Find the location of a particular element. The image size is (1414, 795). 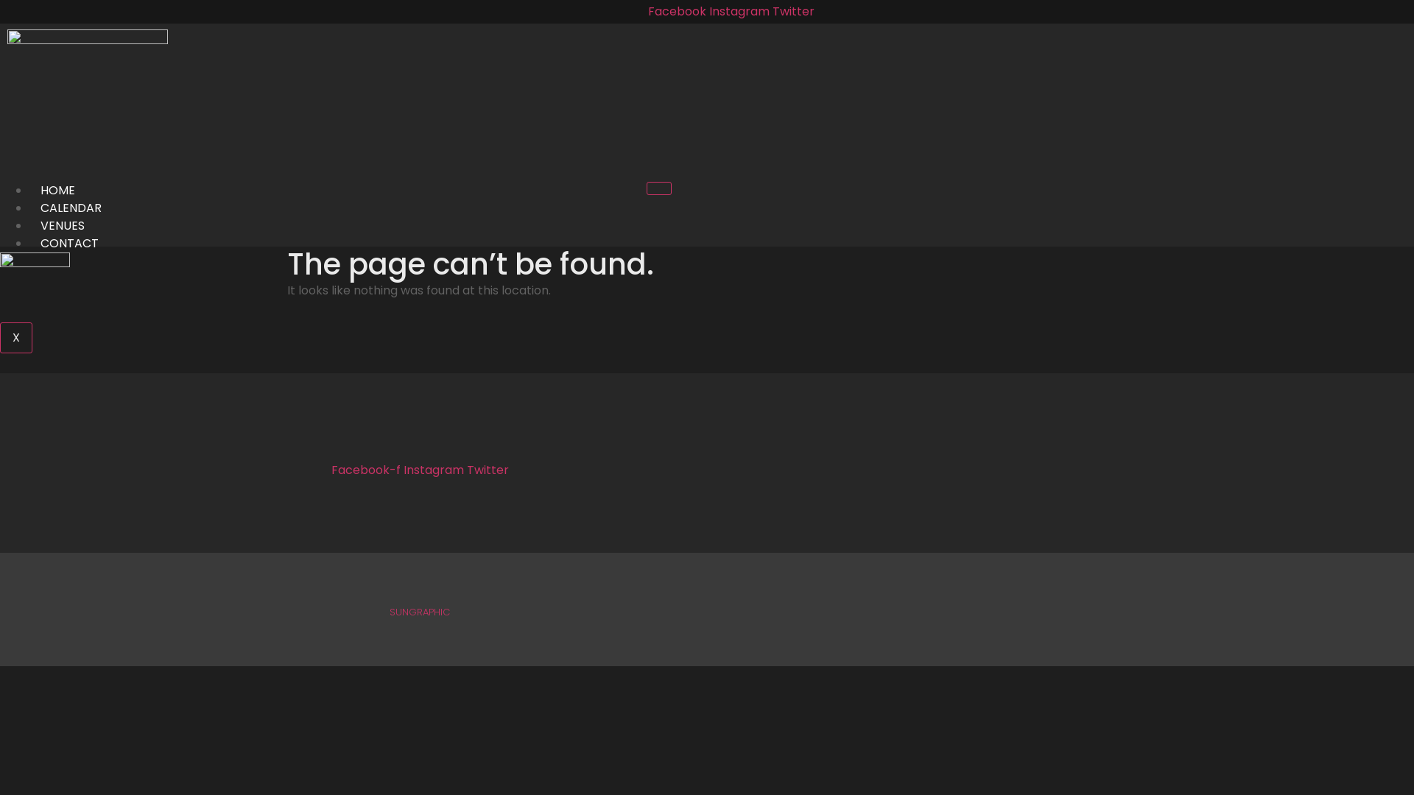

'Facebook-f' is located at coordinates (367, 470).